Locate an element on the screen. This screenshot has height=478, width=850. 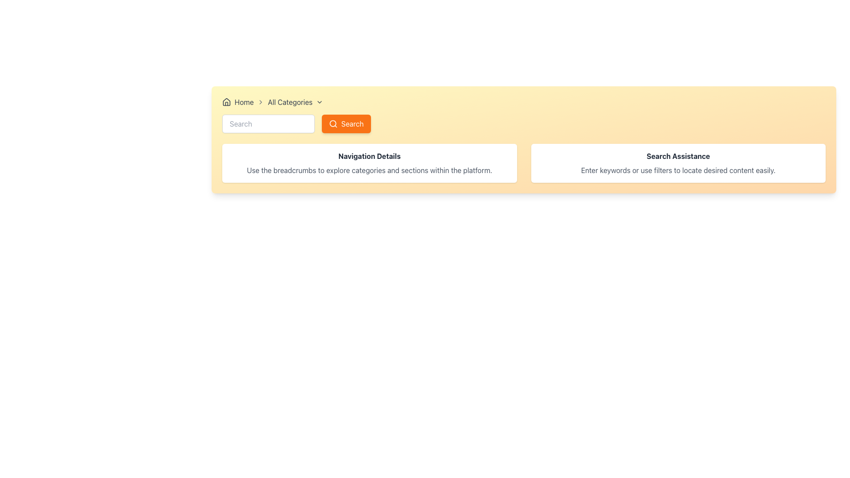
the magnifying glass icon representing the search function, which is located to the left of the 'Search' button in the header section is located at coordinates (333, 124).